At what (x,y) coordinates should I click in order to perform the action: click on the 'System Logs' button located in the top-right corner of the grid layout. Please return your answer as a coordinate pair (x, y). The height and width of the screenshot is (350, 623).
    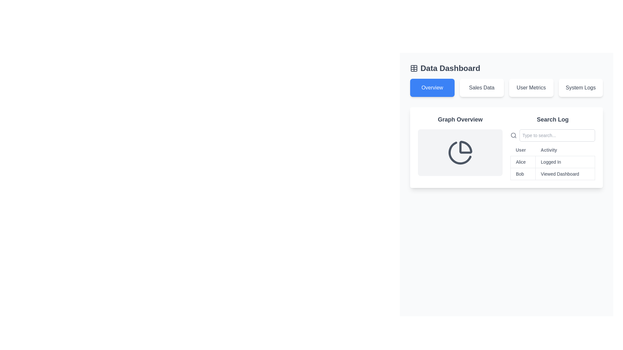
    Looking at the image, I should click on (580, 87).